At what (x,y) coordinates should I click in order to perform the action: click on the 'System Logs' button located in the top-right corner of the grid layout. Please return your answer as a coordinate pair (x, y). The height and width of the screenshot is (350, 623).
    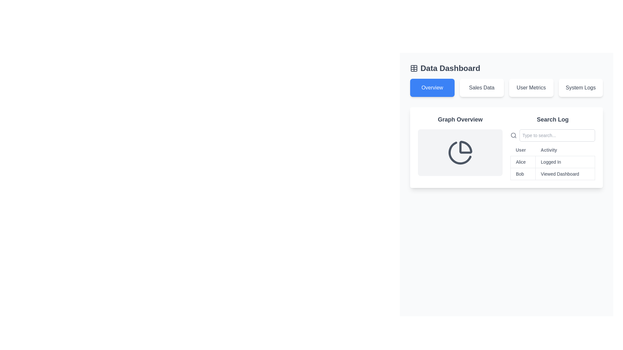
    Looking at the image, I should click on (580, 87).